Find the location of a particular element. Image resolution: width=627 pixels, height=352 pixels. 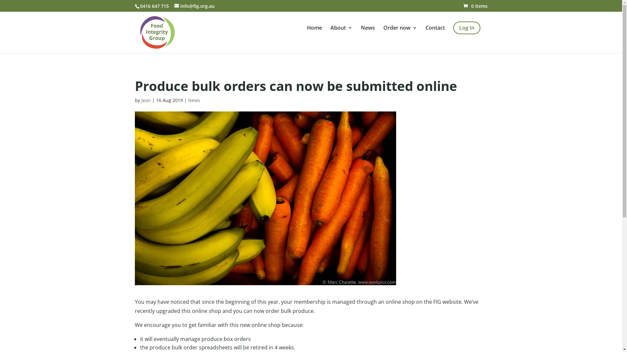

'Log In' is located at coordinates (466, 27).